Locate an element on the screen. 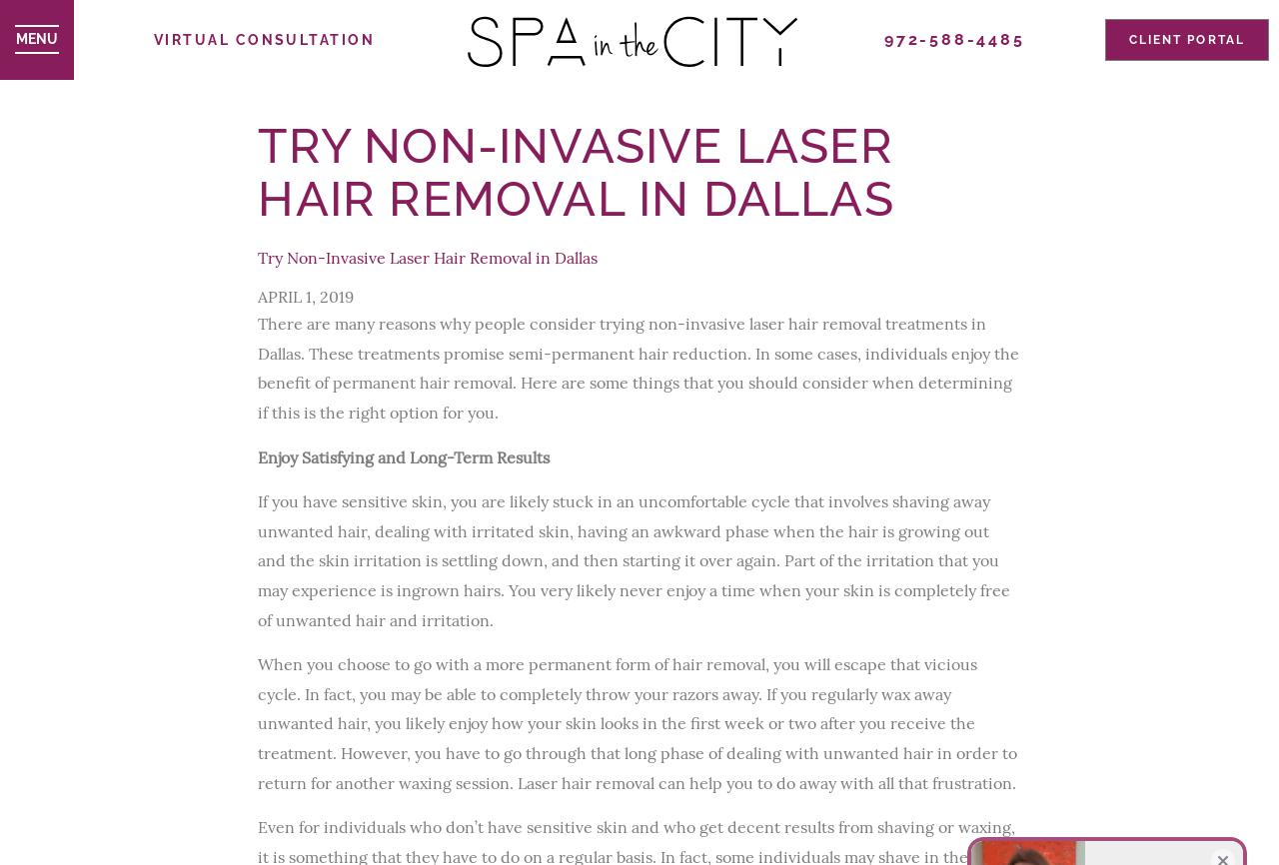  'Menu' is located at coordinates (36, 38).